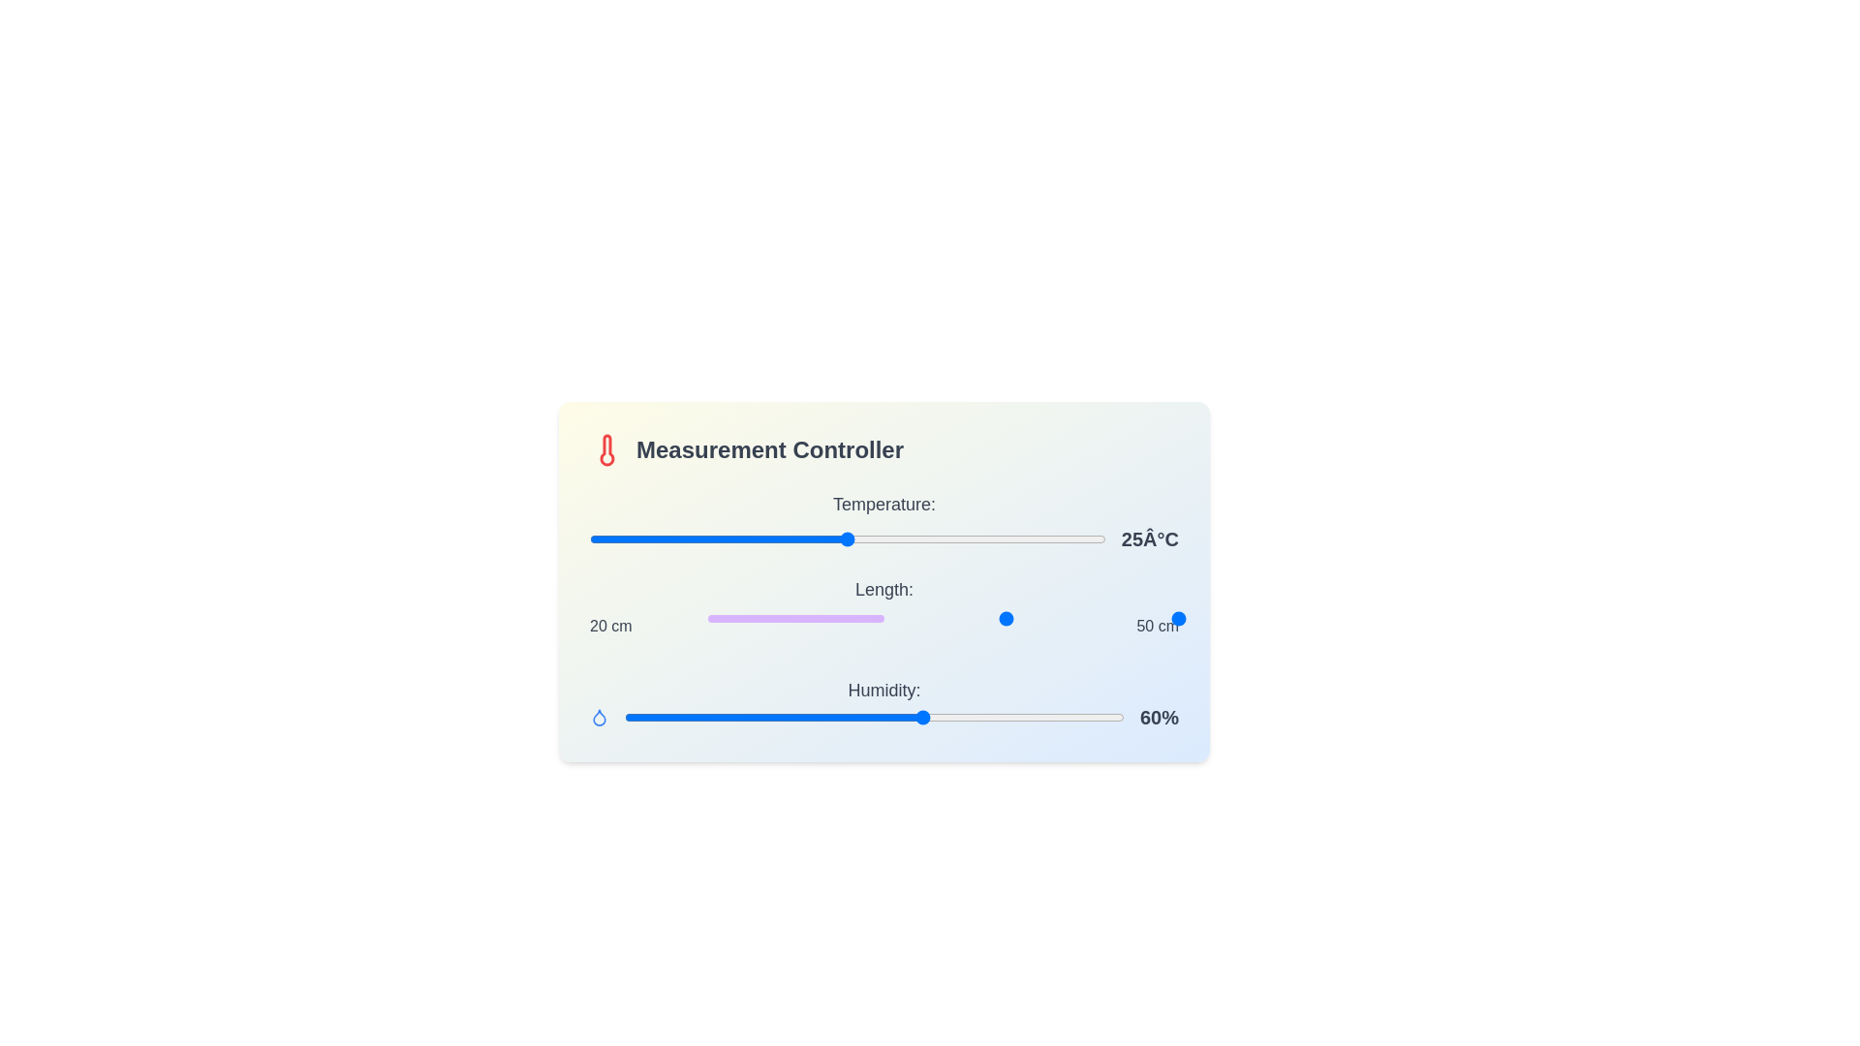 Image resolution: width=1860 pixels, height=1046 pixels. I want to click on the temperature, so click(1003, 538).